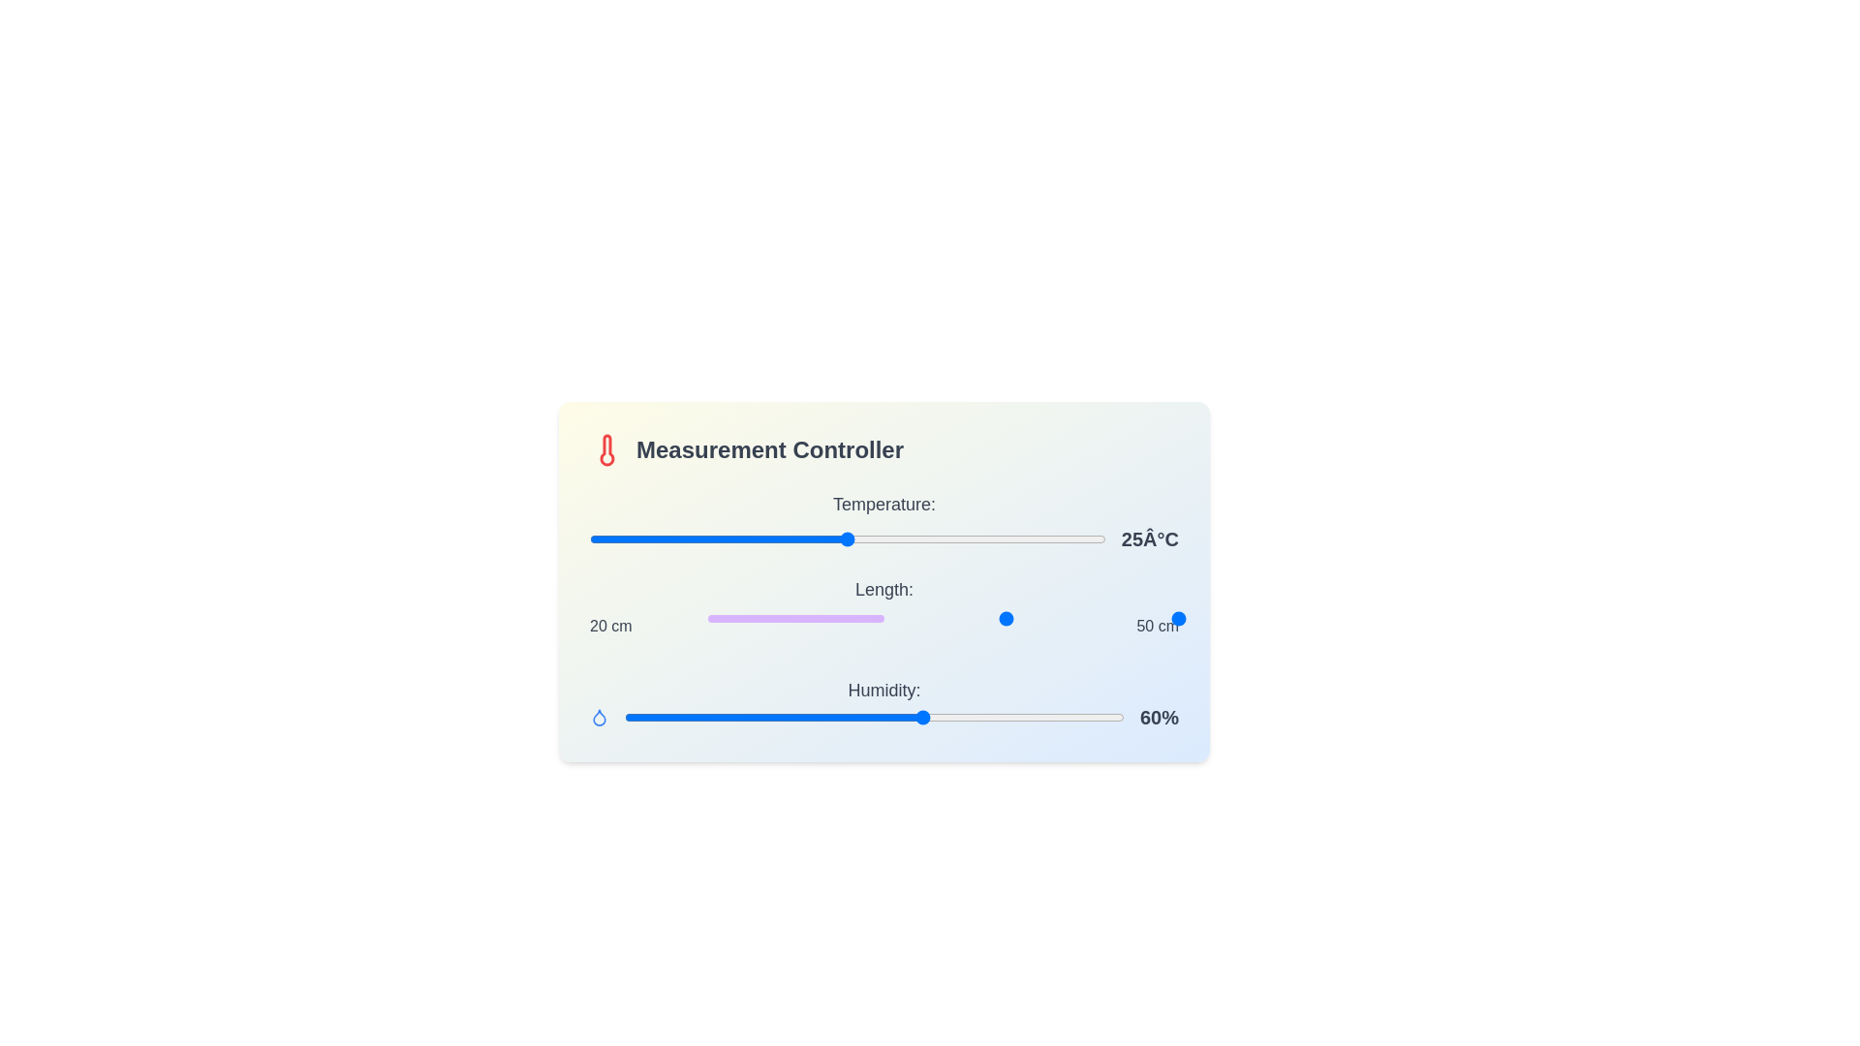 Image resolution: width=1860 pixels, height=1046 pixels. I want to click on the temperature, so click(1003, 538).